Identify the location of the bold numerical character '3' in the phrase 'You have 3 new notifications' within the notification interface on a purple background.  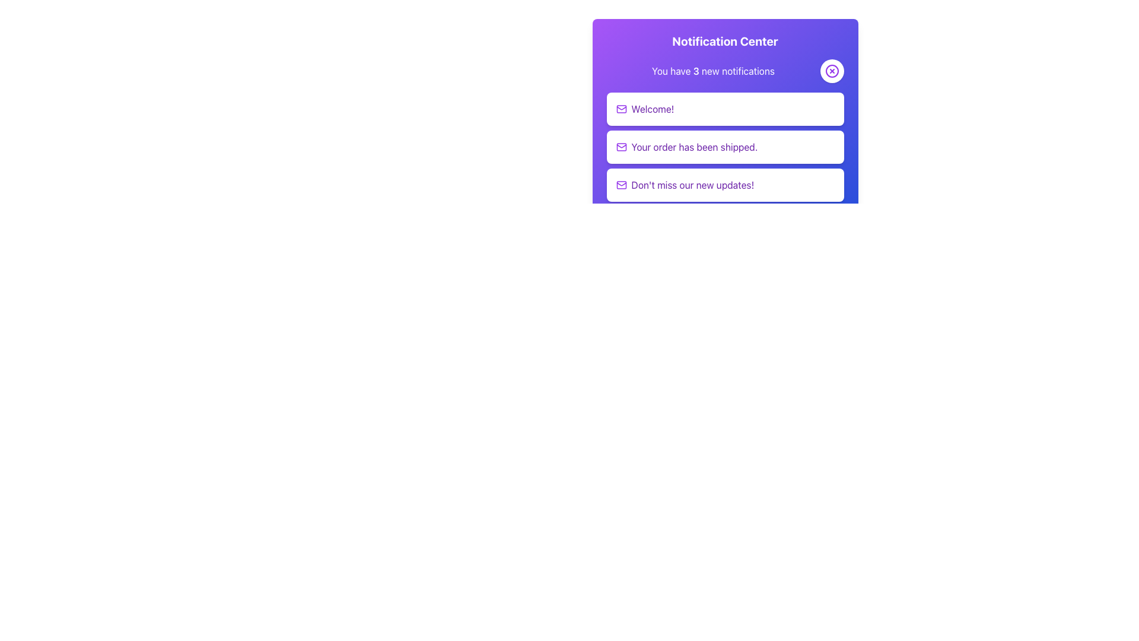
(696, 71).